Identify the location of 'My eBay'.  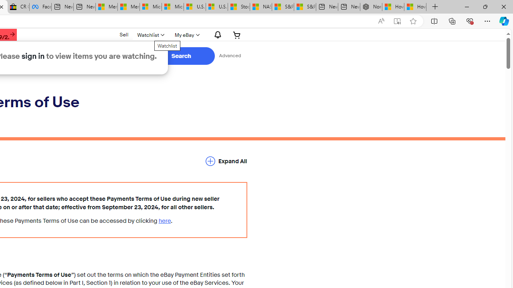
(186, 34).